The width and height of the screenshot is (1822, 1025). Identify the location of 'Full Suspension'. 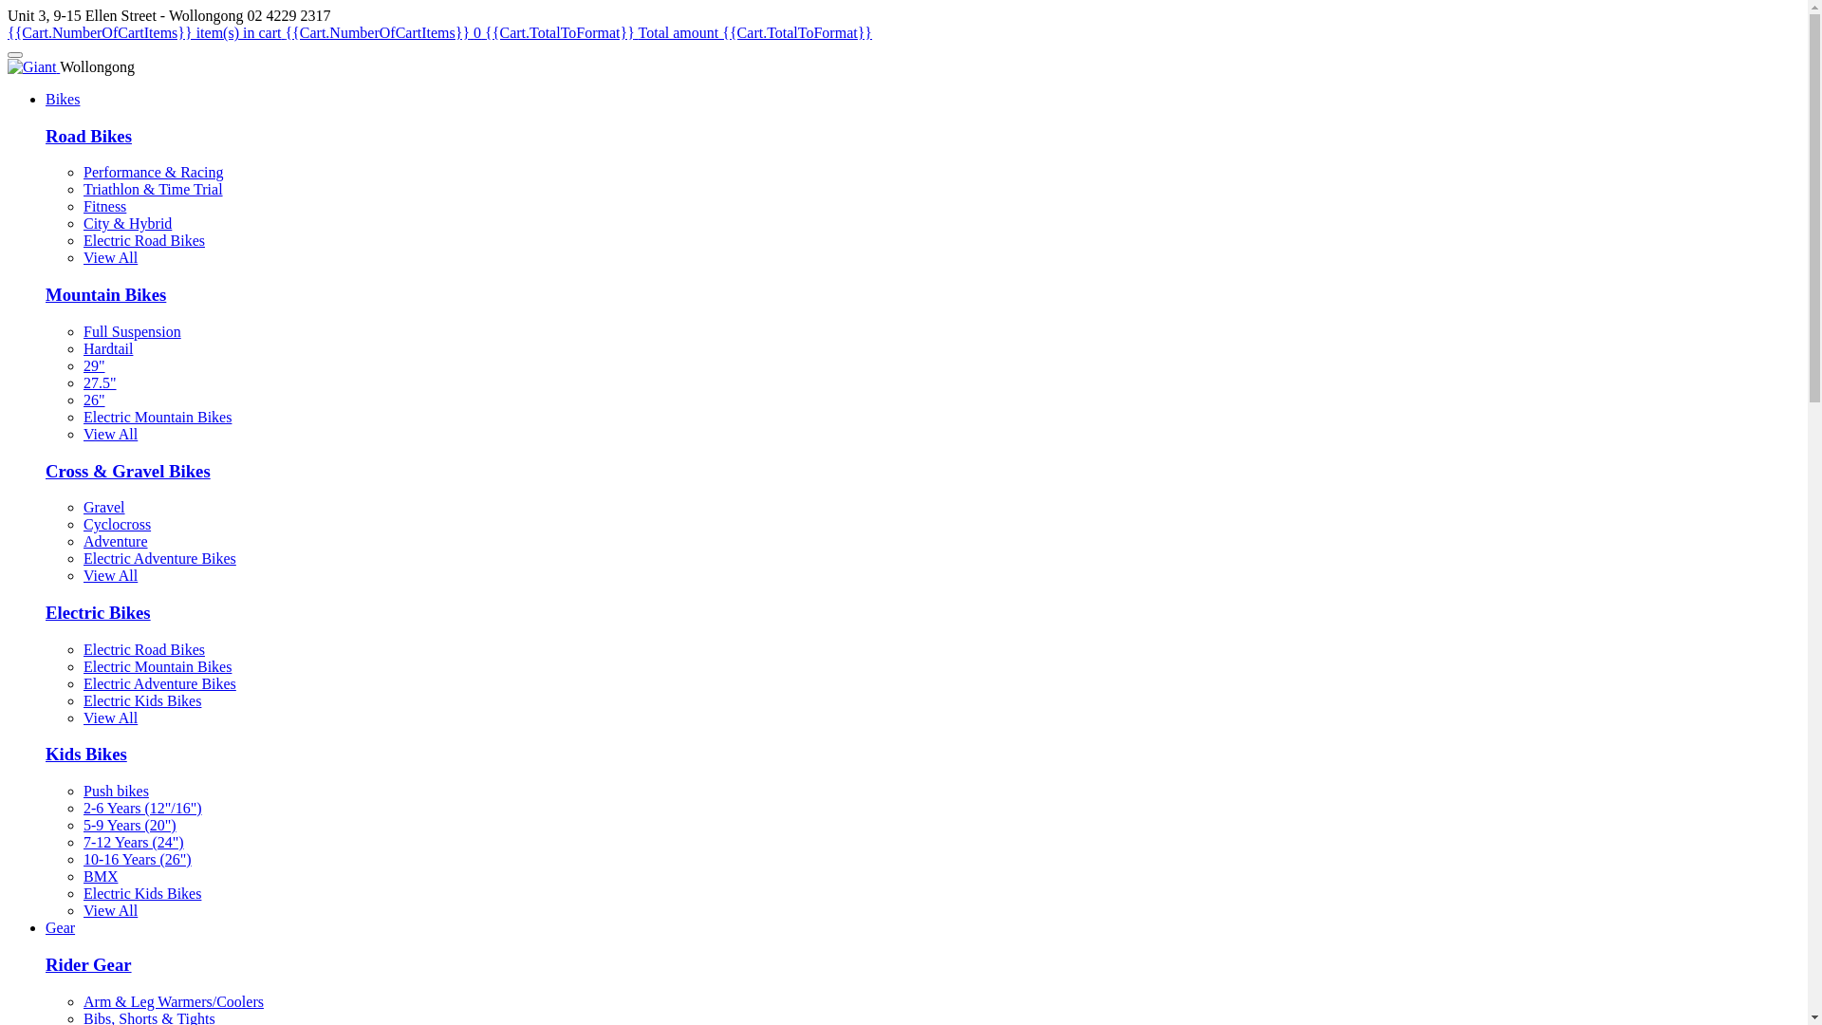
(131, 330).